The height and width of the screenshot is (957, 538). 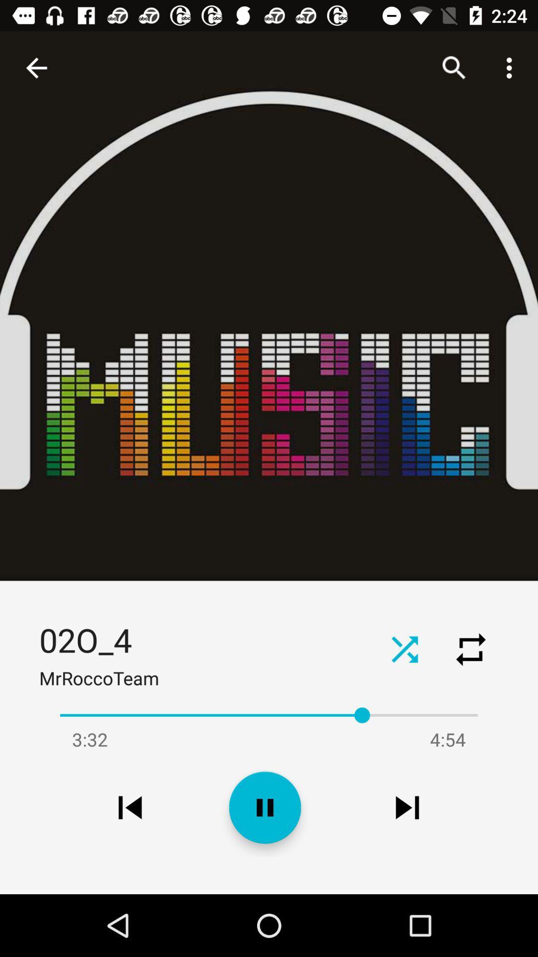 I want to click on the item above the 02o_4, so click(x=36, y=67).